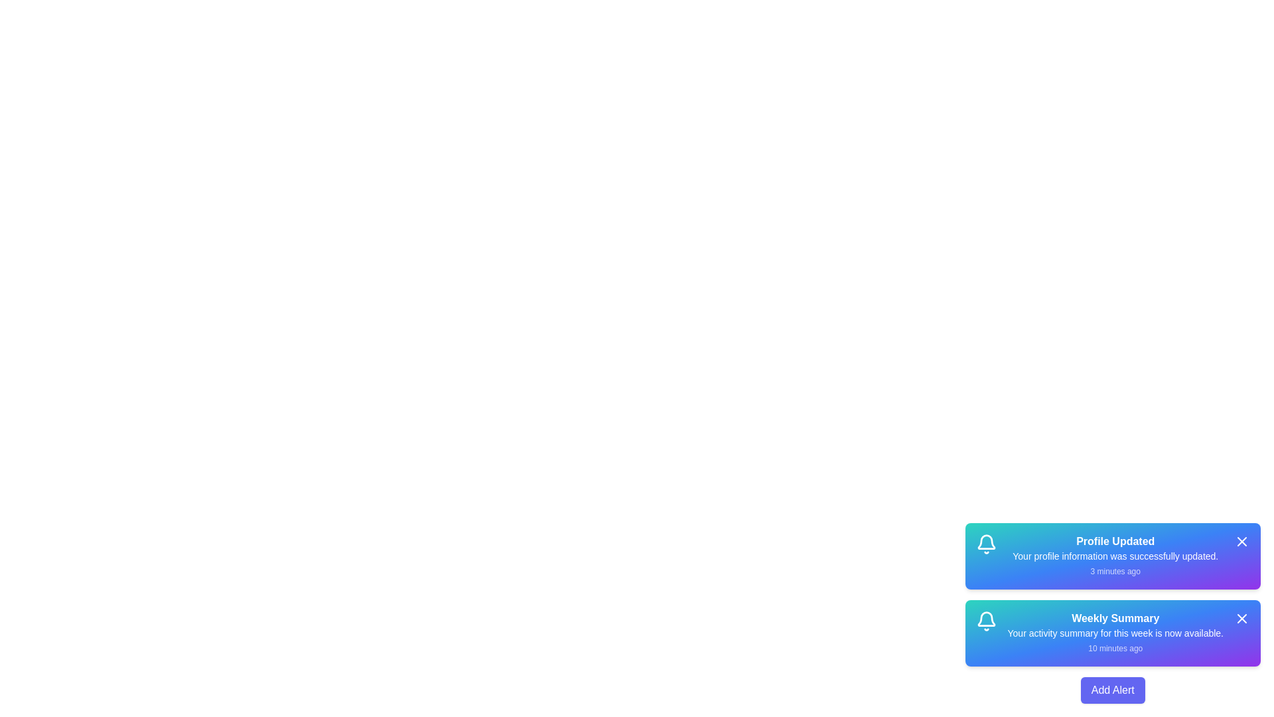 Image resolution: width=1274 pixels, height=717 pixels. What do you see at coordinates (1113, 690) in the screenshot?
I see `the 'Add Alert' button to add a new alert` at bounding box center [1113, 690].